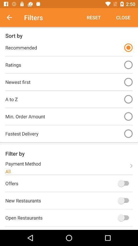 This screenshot has height=246, width=138. I want to click on open restaurants option, so click(124, 217).